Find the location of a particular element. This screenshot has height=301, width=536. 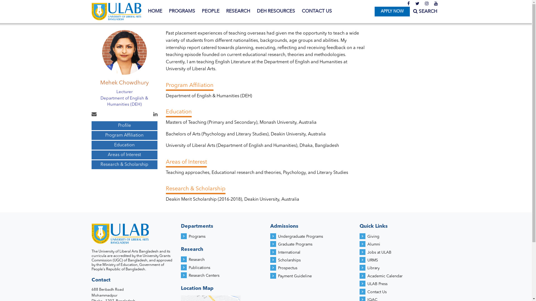

'ULAB Press' is located at coordinates (377, 284).